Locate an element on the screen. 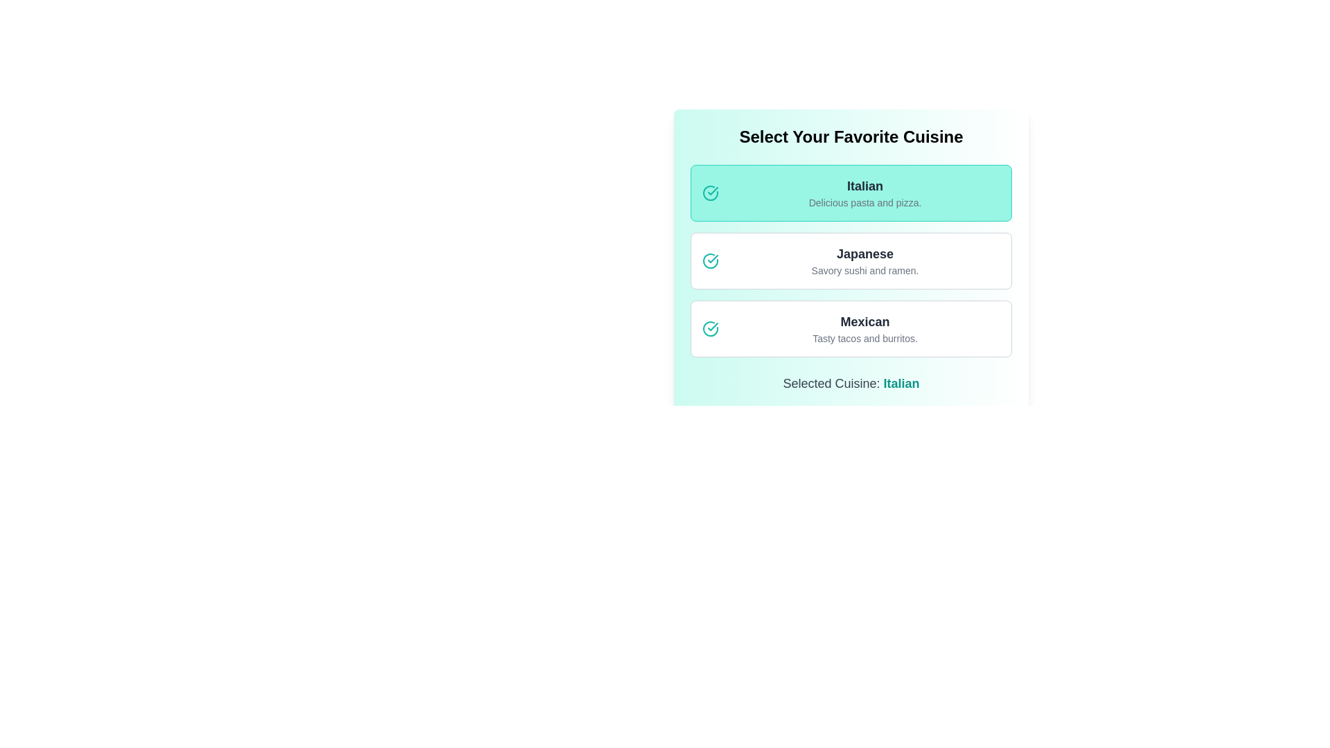  the Japanese cuisine option in the selectable list group, which is the second entry with a teal background indicating selection is located at coordinates (850, 261).